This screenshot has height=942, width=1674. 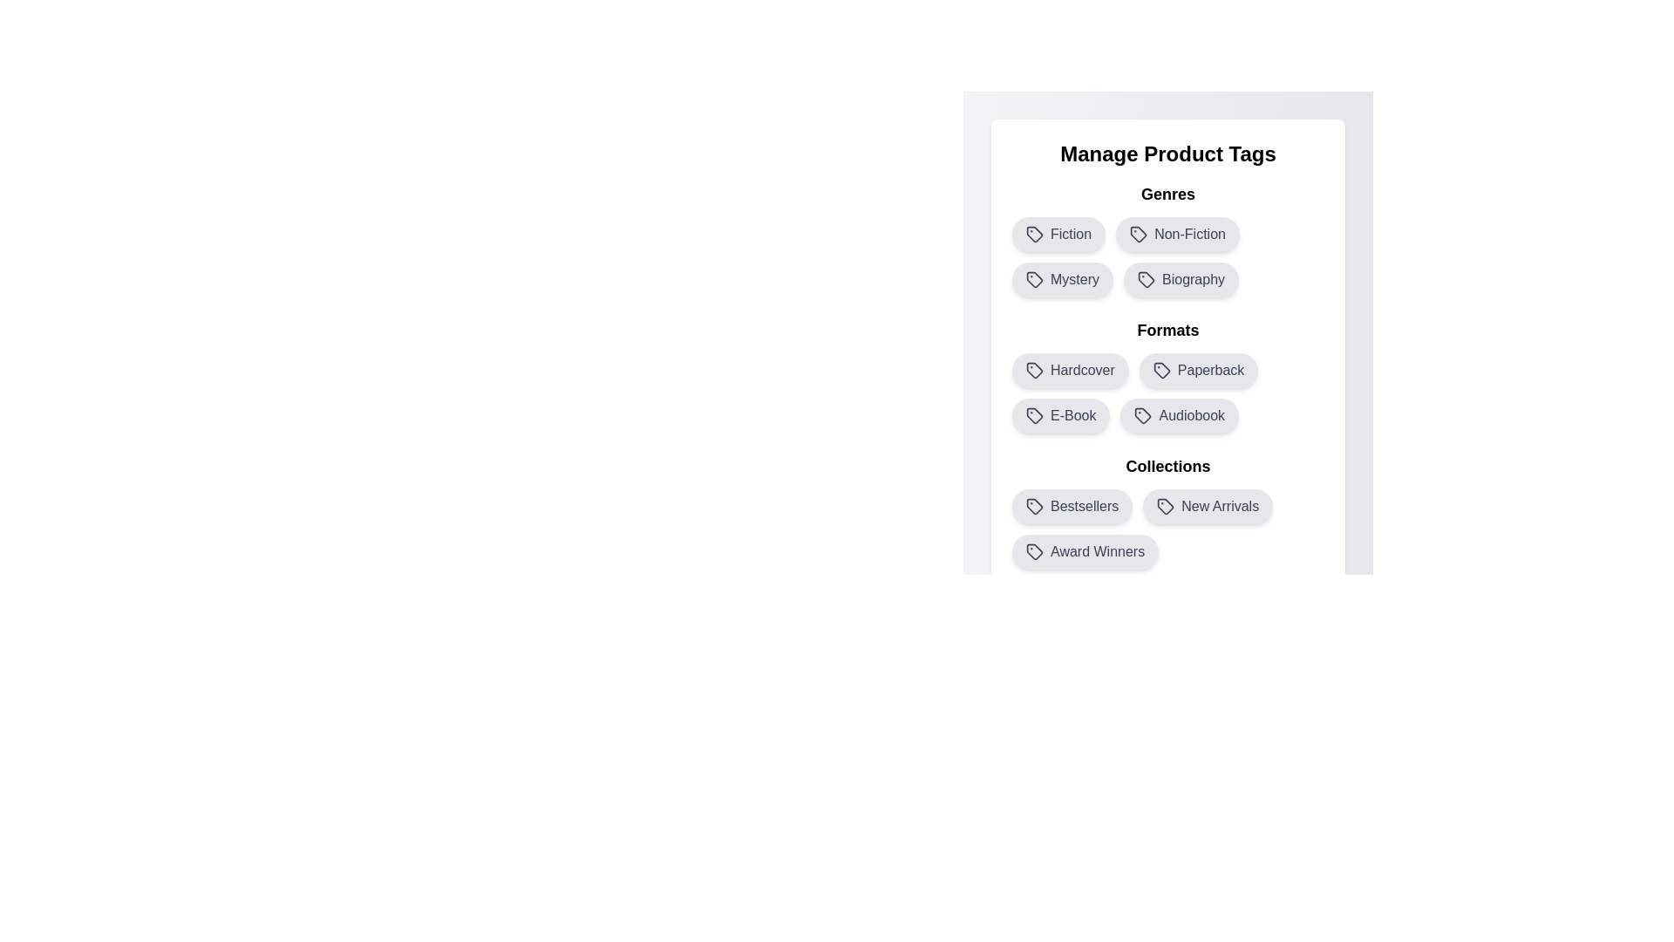 What do you see at coordinates (1198, 369) in the screenshot?
I see `the 'Paperback' button located in the 'Formats' section under the 'Manage Product Tags' title` at bounding box center [1198, 369].